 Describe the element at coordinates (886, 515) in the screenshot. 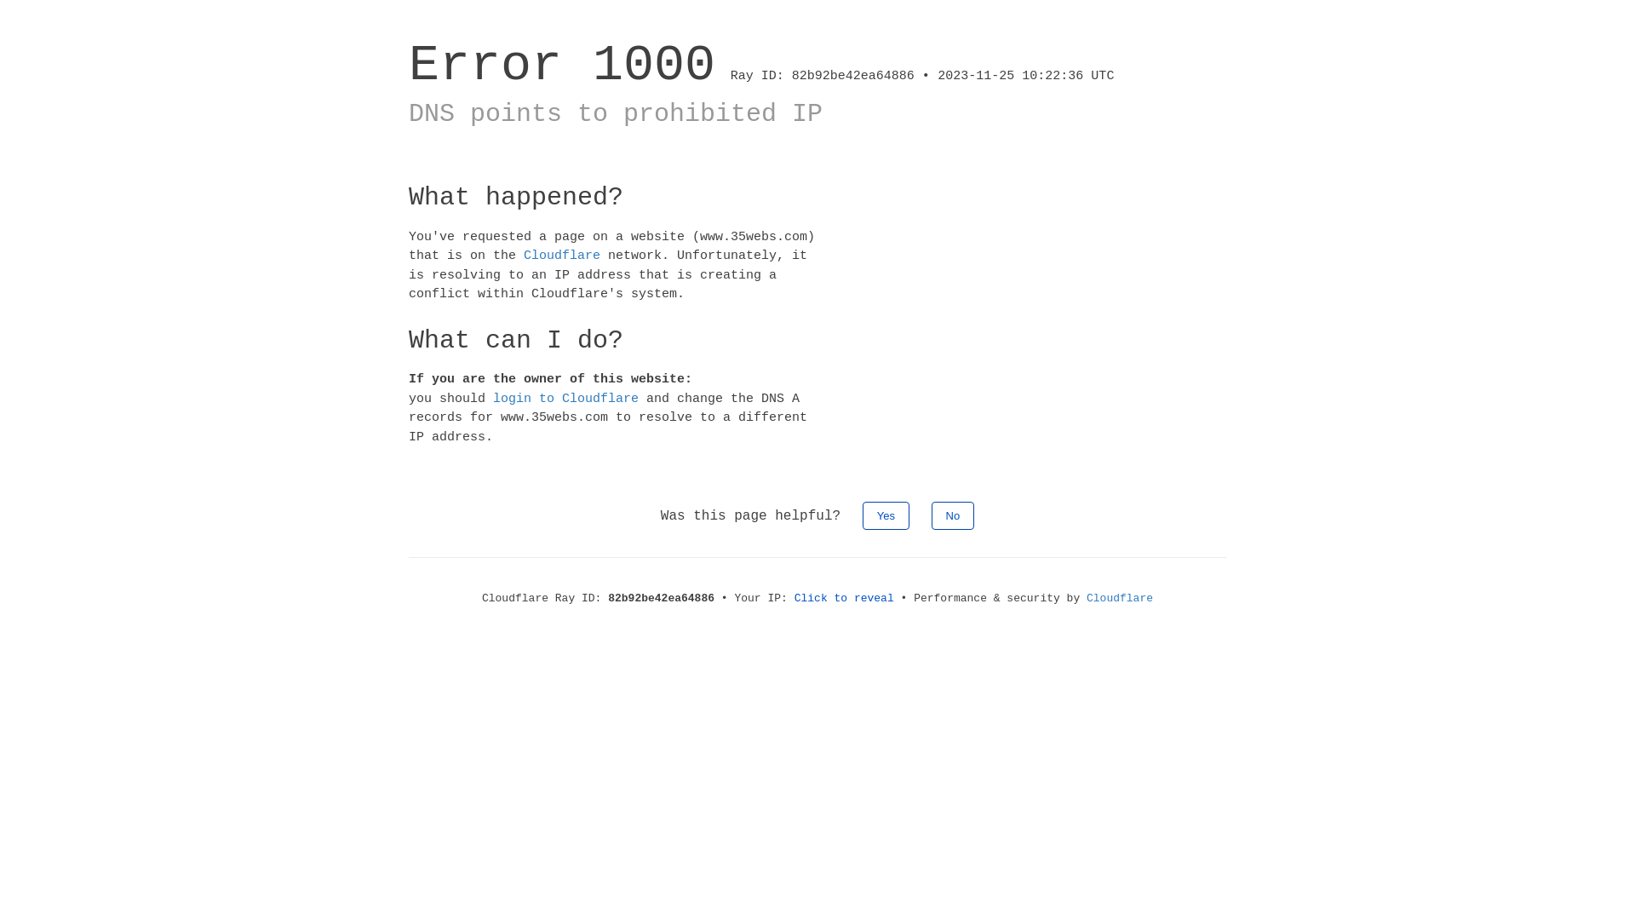

I see `'Yes'` at that location.